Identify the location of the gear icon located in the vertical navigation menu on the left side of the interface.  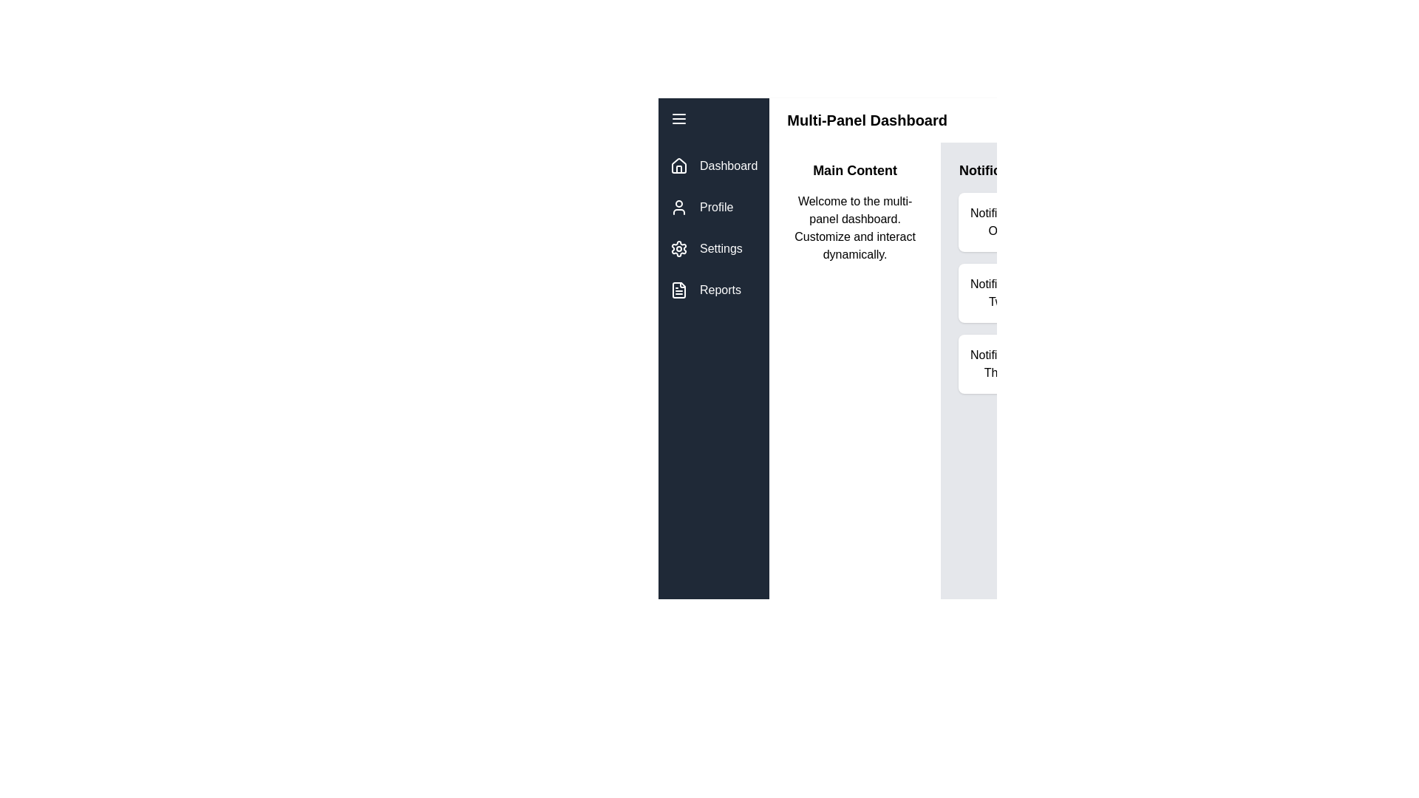
(678, 248).